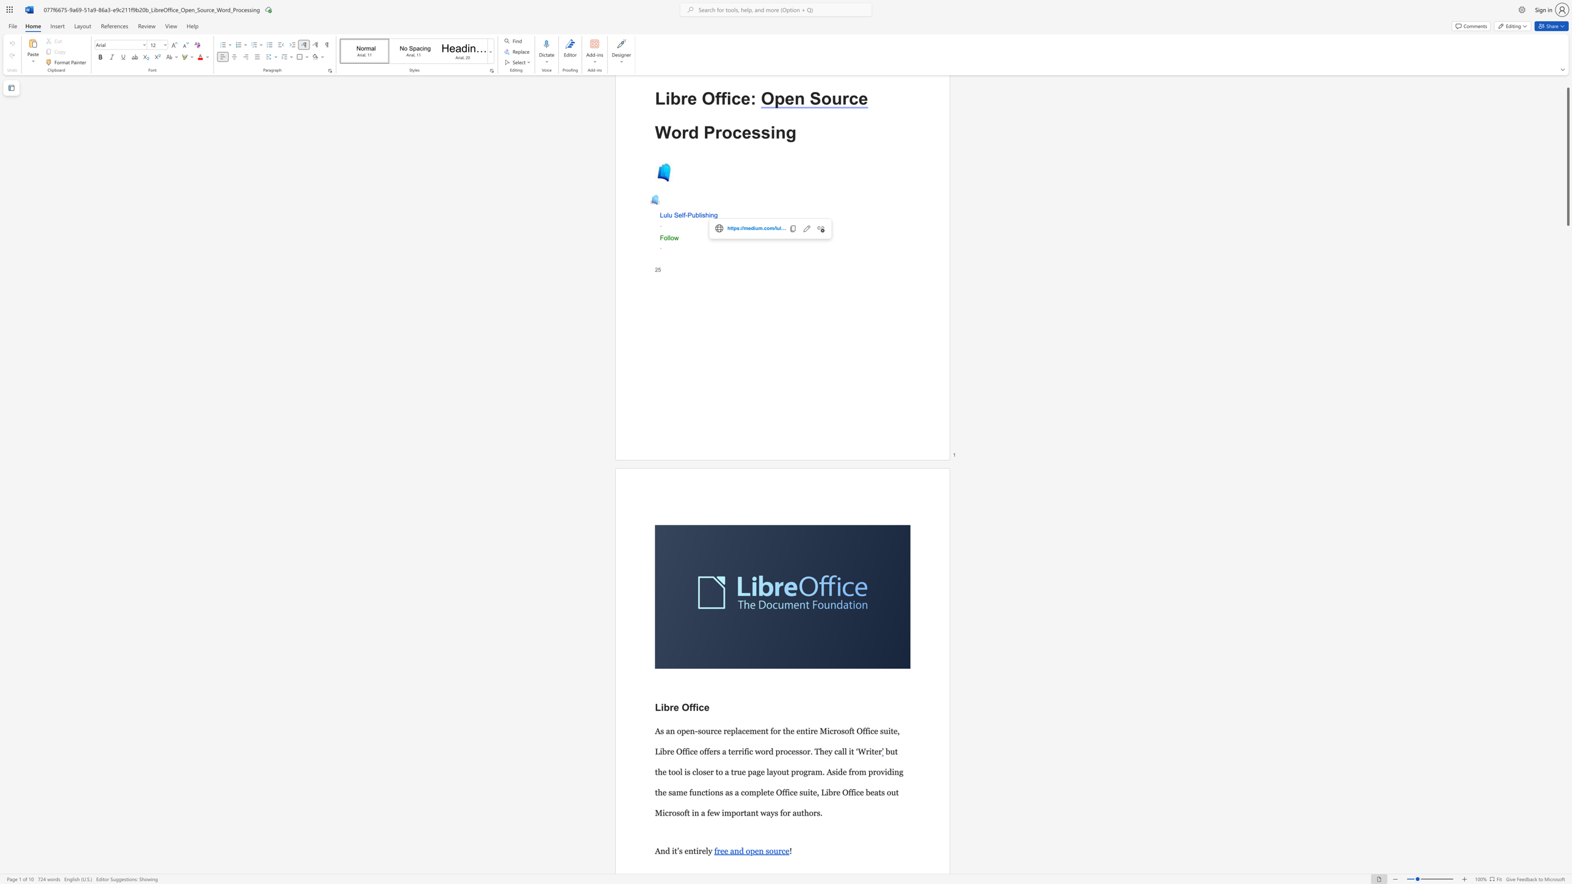  I want to click on the 11th character "r" in the text, so click(815, 813).